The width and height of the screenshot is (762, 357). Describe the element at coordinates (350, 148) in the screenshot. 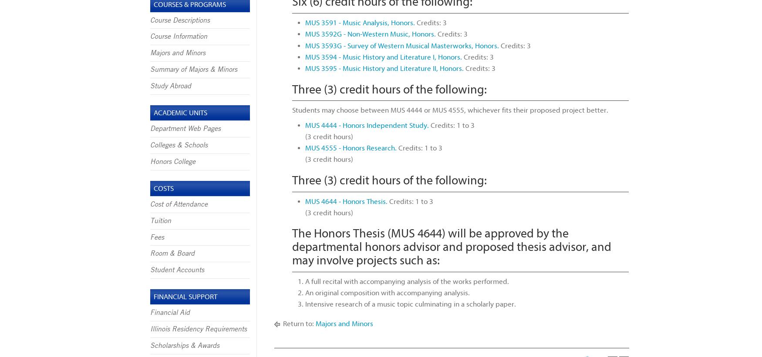

I see `'MUS 4555 - Honors Research.'` at that location.